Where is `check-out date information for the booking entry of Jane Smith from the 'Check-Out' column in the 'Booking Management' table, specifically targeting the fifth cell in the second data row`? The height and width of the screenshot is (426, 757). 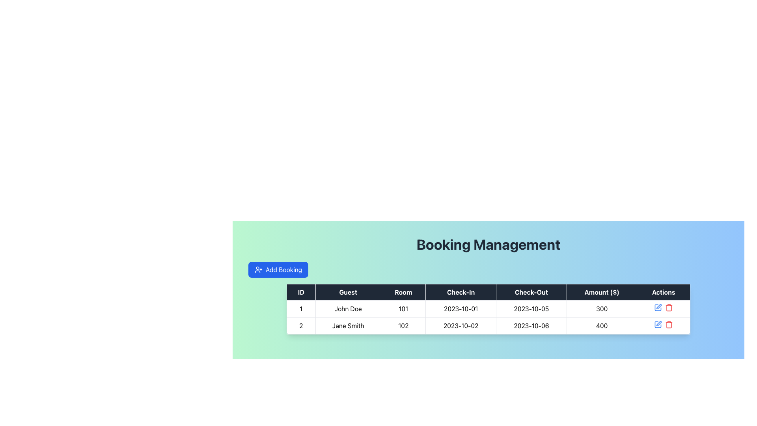
check-out date information for the booking entry of Jane Smith from the 'Check-Out' column in the 'Booking Management' table, specifically targeting the fifth cell in the second data row is located at coordinates (531, 325).